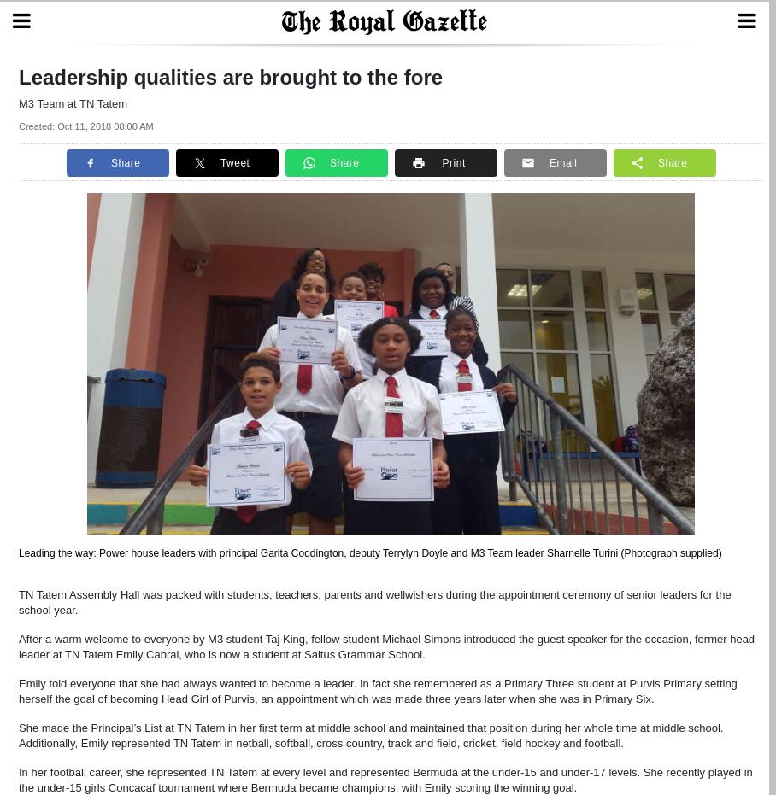  What do you see at coordinates (374, 600) in the screenshot?
I see `'TN Tatem Assembly Hall was packed with students, teachers, parents and wellwishers during the appointment ceremony of senior leaders for the school year.'` at bounding box center [374, 600].